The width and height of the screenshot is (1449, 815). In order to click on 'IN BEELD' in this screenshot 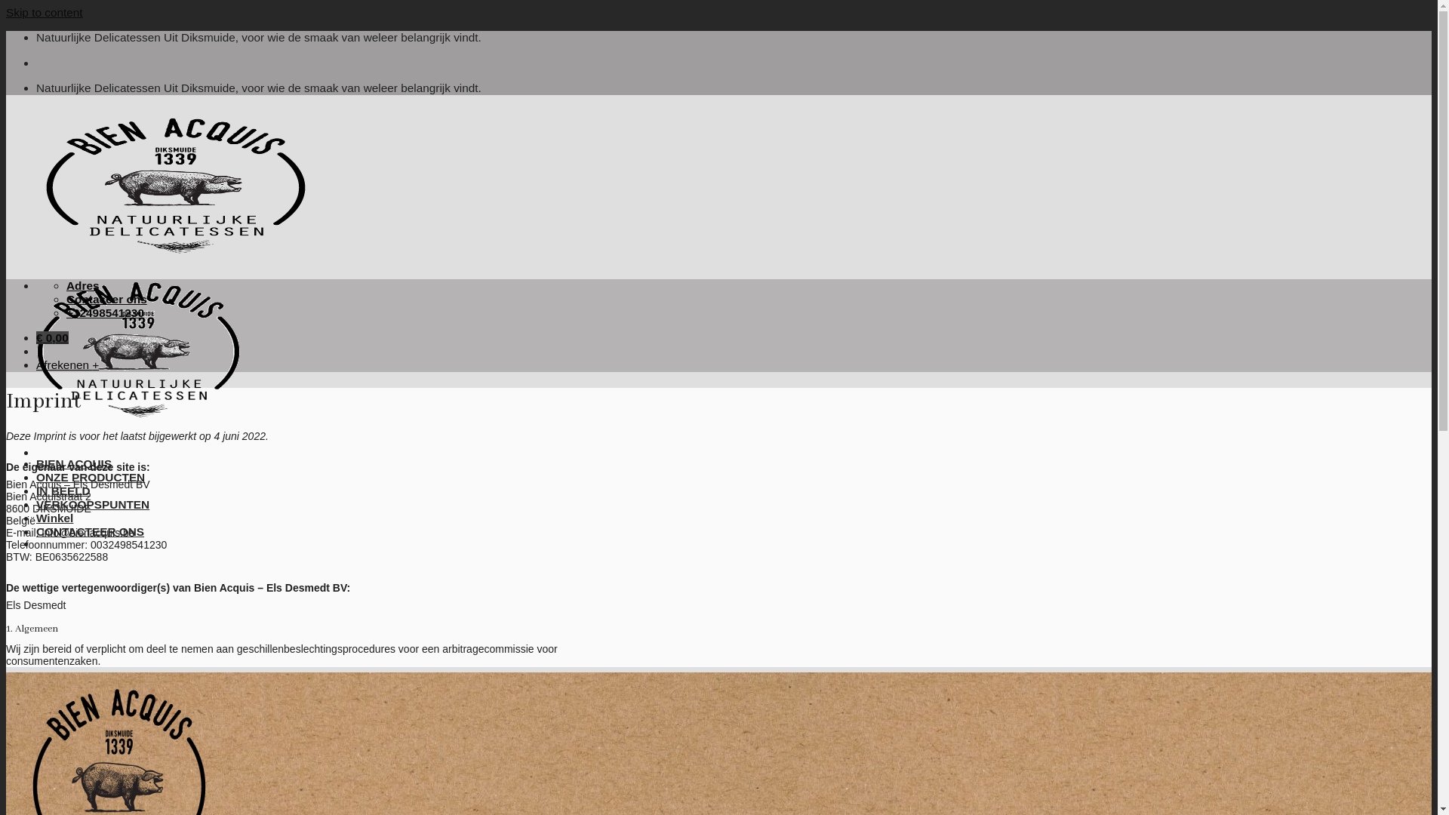, I will do `click(62, 491)`.